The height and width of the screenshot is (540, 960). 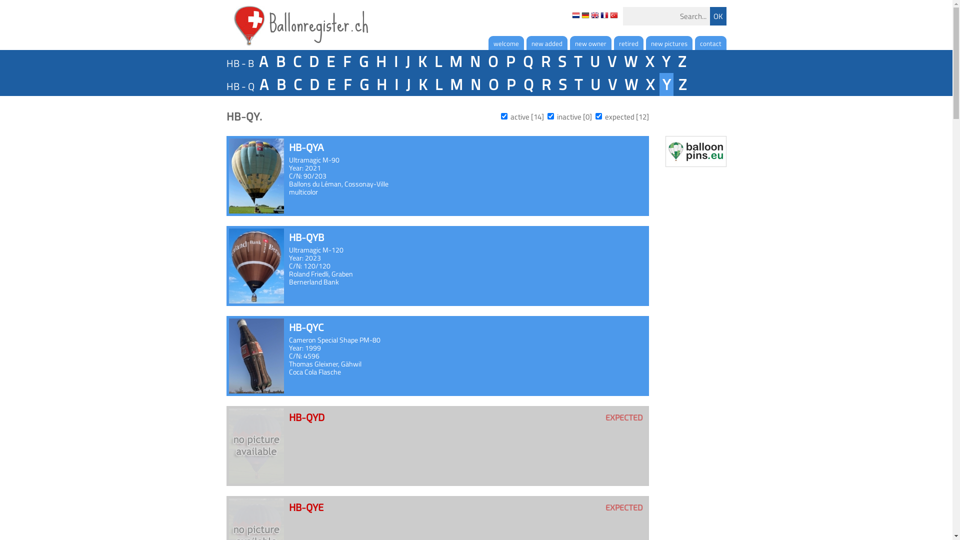 I want to click on 'N', so click(x=466, y=84).